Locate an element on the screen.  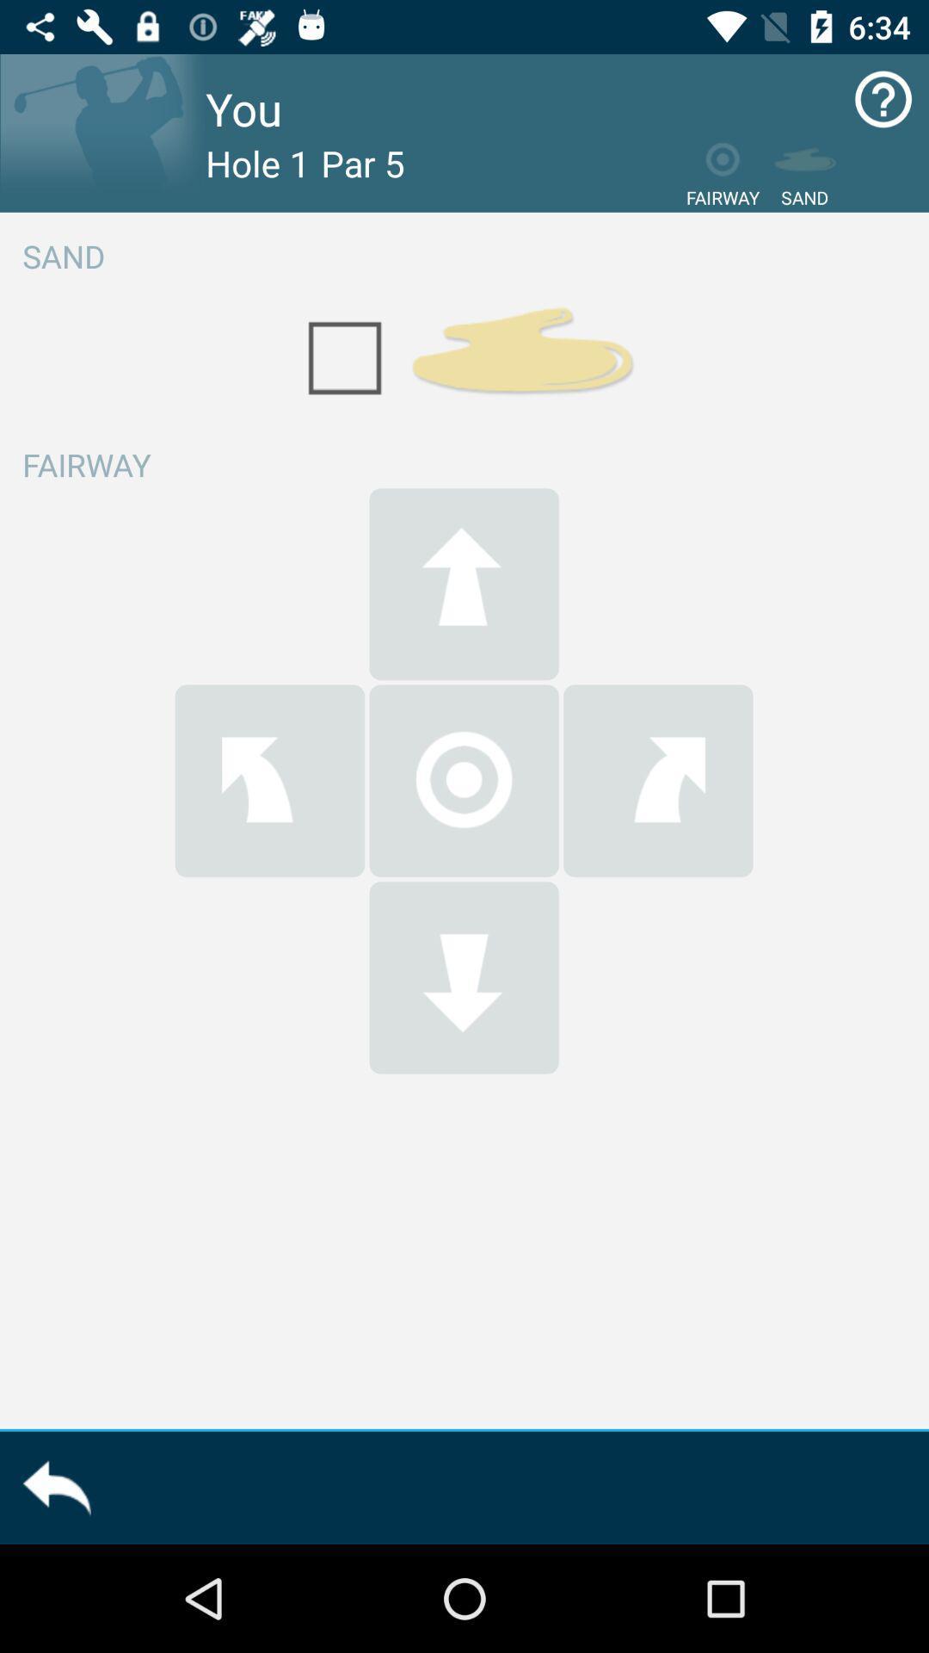
up is located at coordinates (463, 584).